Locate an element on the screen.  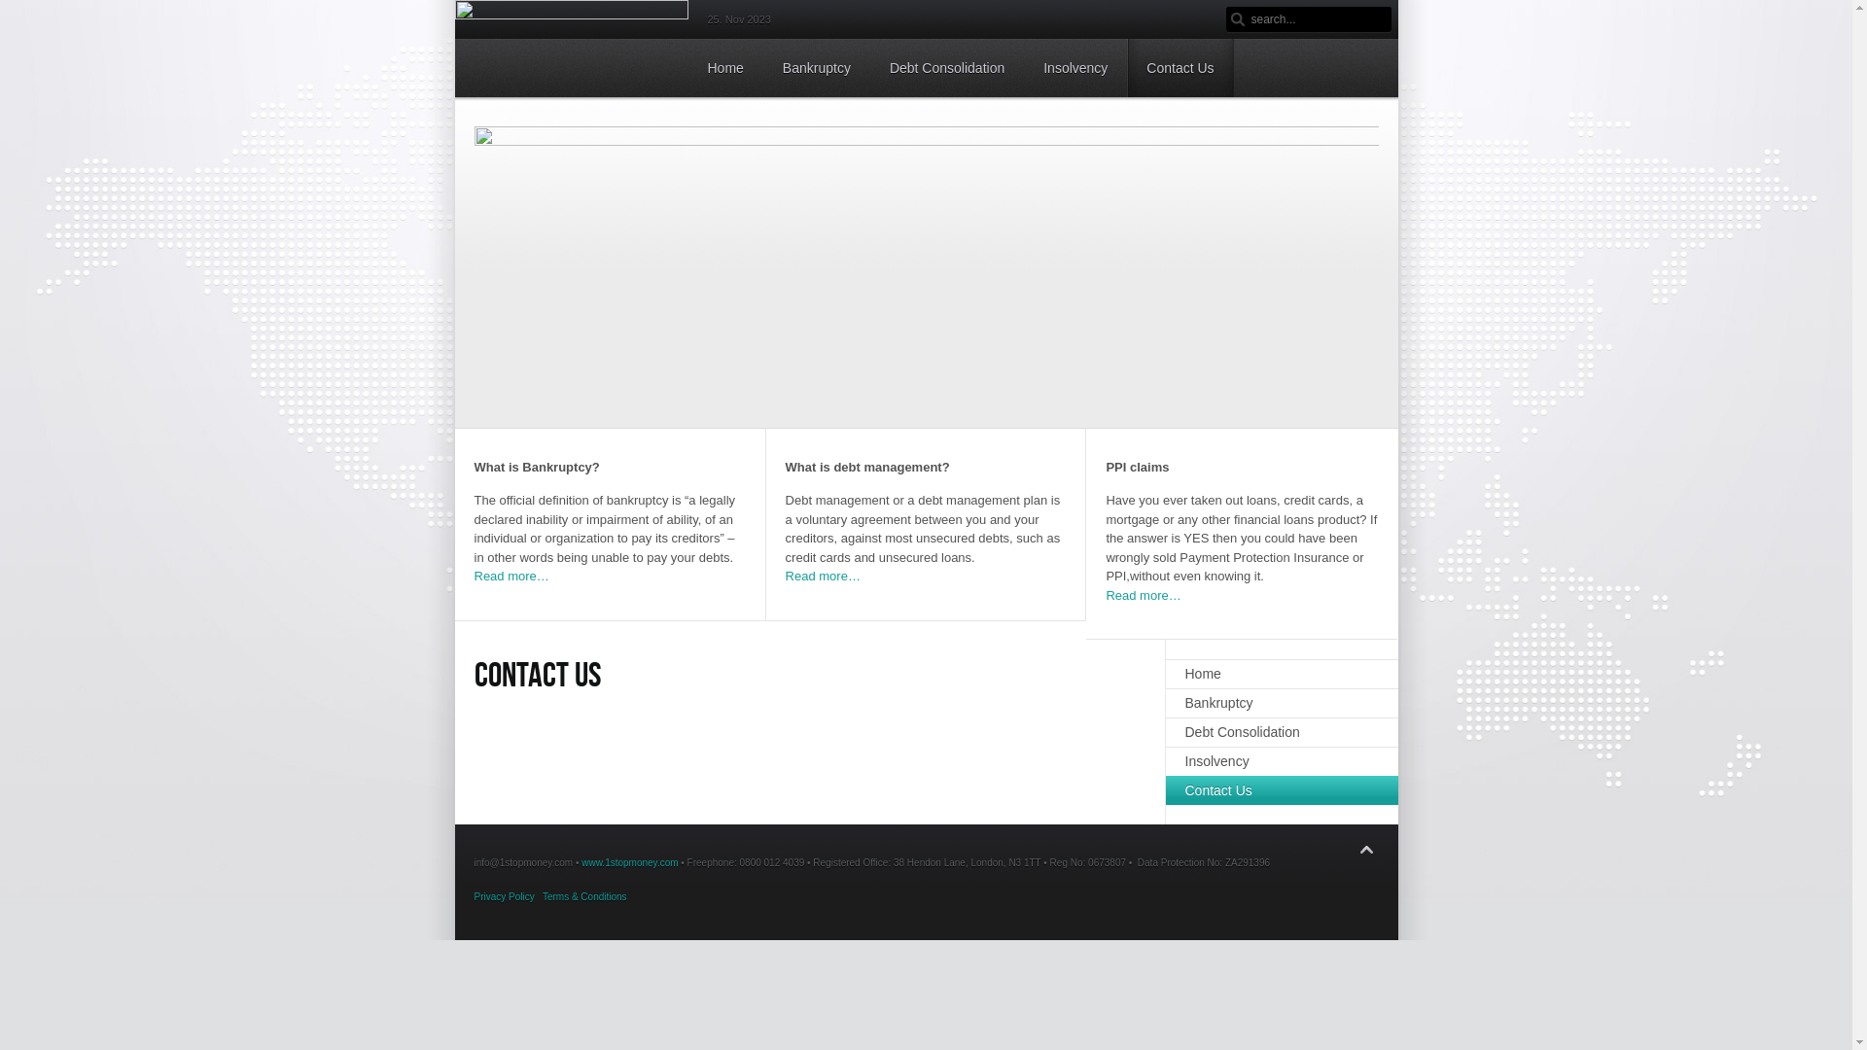
'Insolvency' is located at coordinates (1165, 760).